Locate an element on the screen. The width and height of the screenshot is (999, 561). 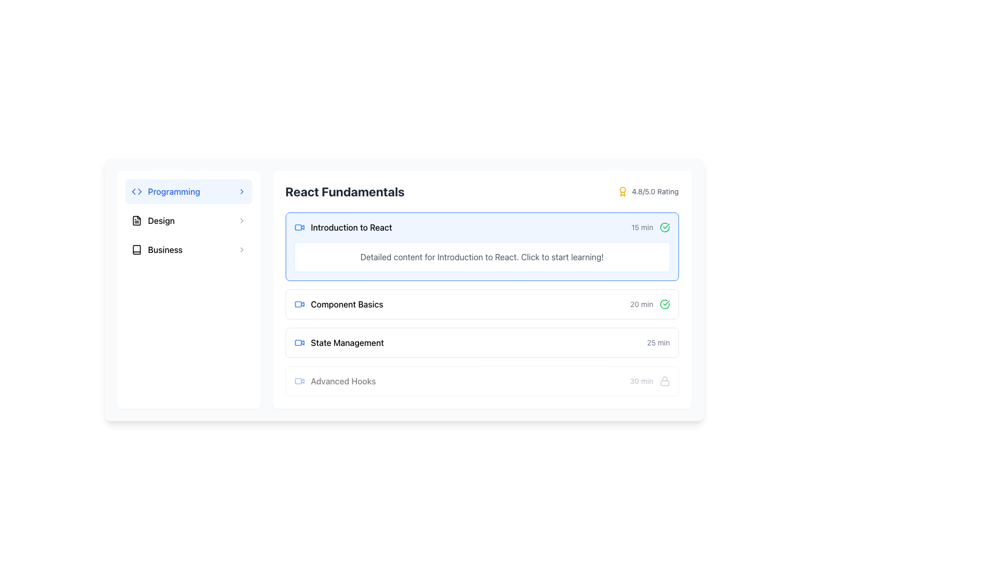
the descriptive text block providing information about the course module titled 'Introduction to React', located below the title within the module card is located at coordinates (481, 257).